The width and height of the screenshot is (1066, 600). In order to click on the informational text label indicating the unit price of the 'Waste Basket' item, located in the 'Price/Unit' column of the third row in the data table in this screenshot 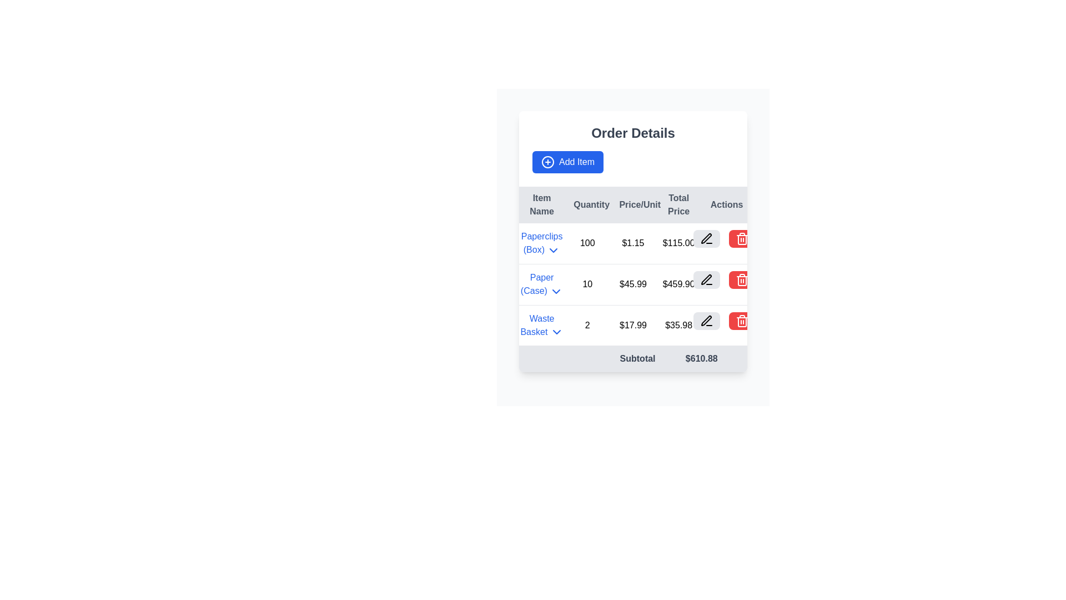, I will do `click(633, 325)`.